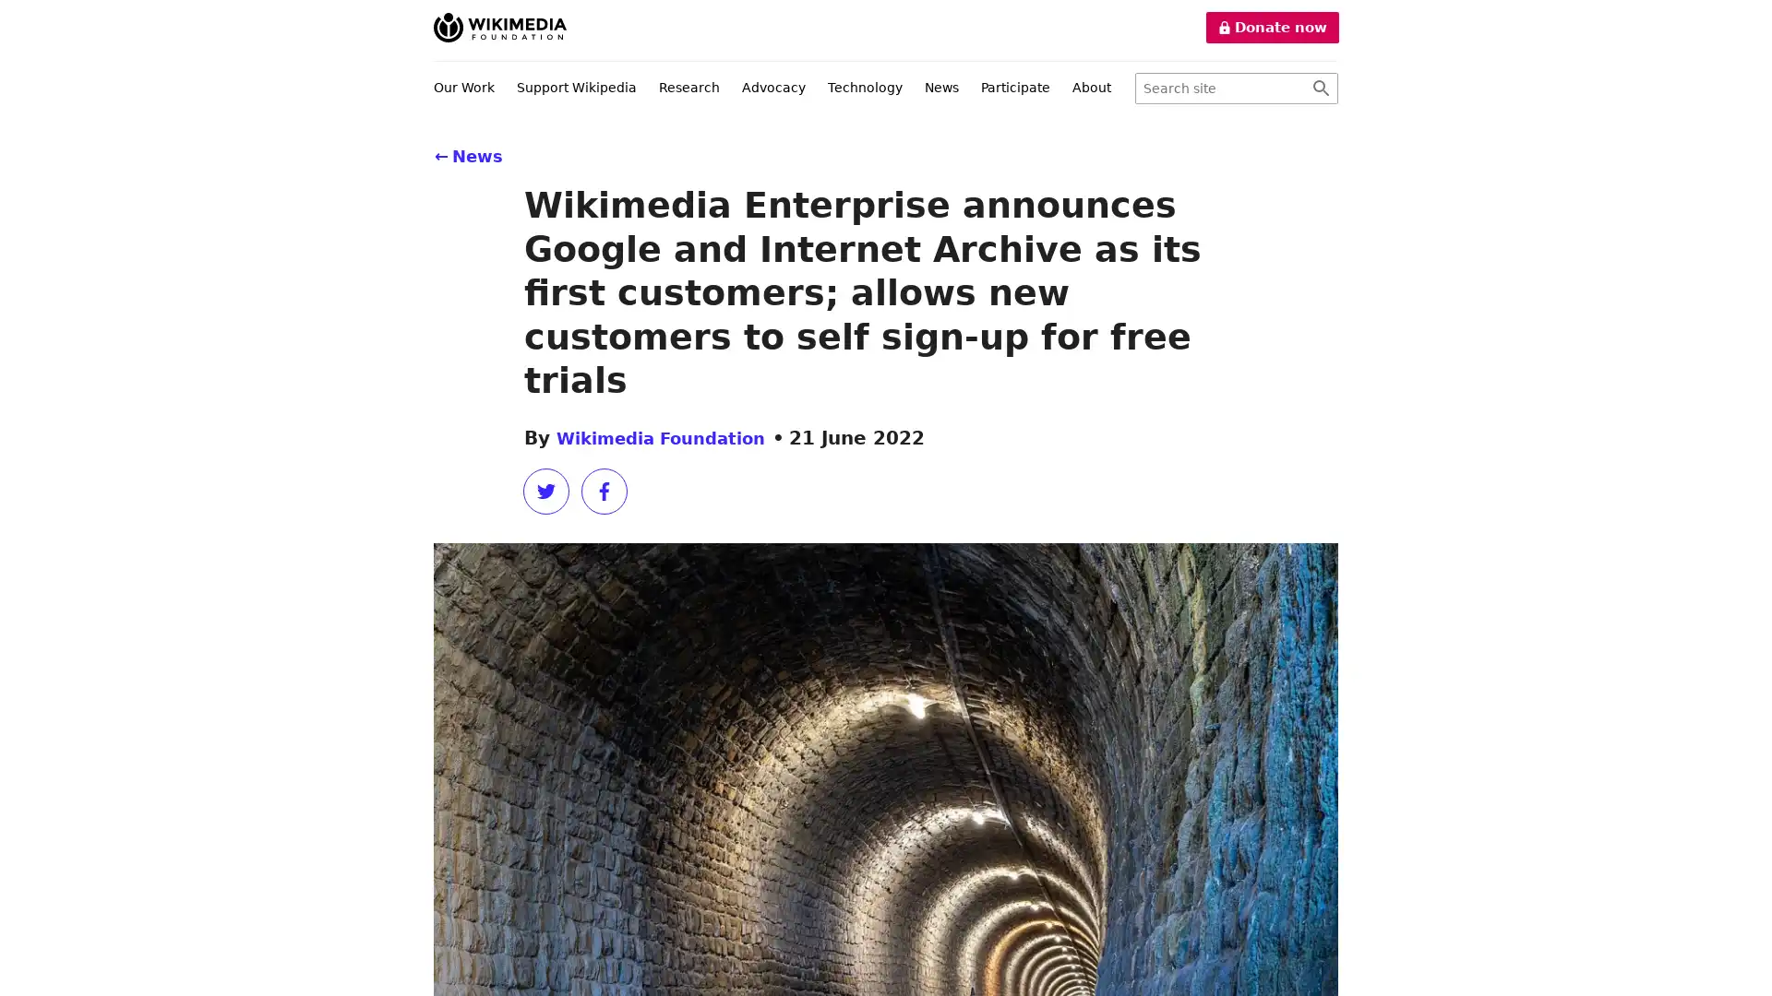 This screenshot has height=996, width=1772. Describe the element at coordinates (1320, 89) in the screenshot. I see `Search` at that location.